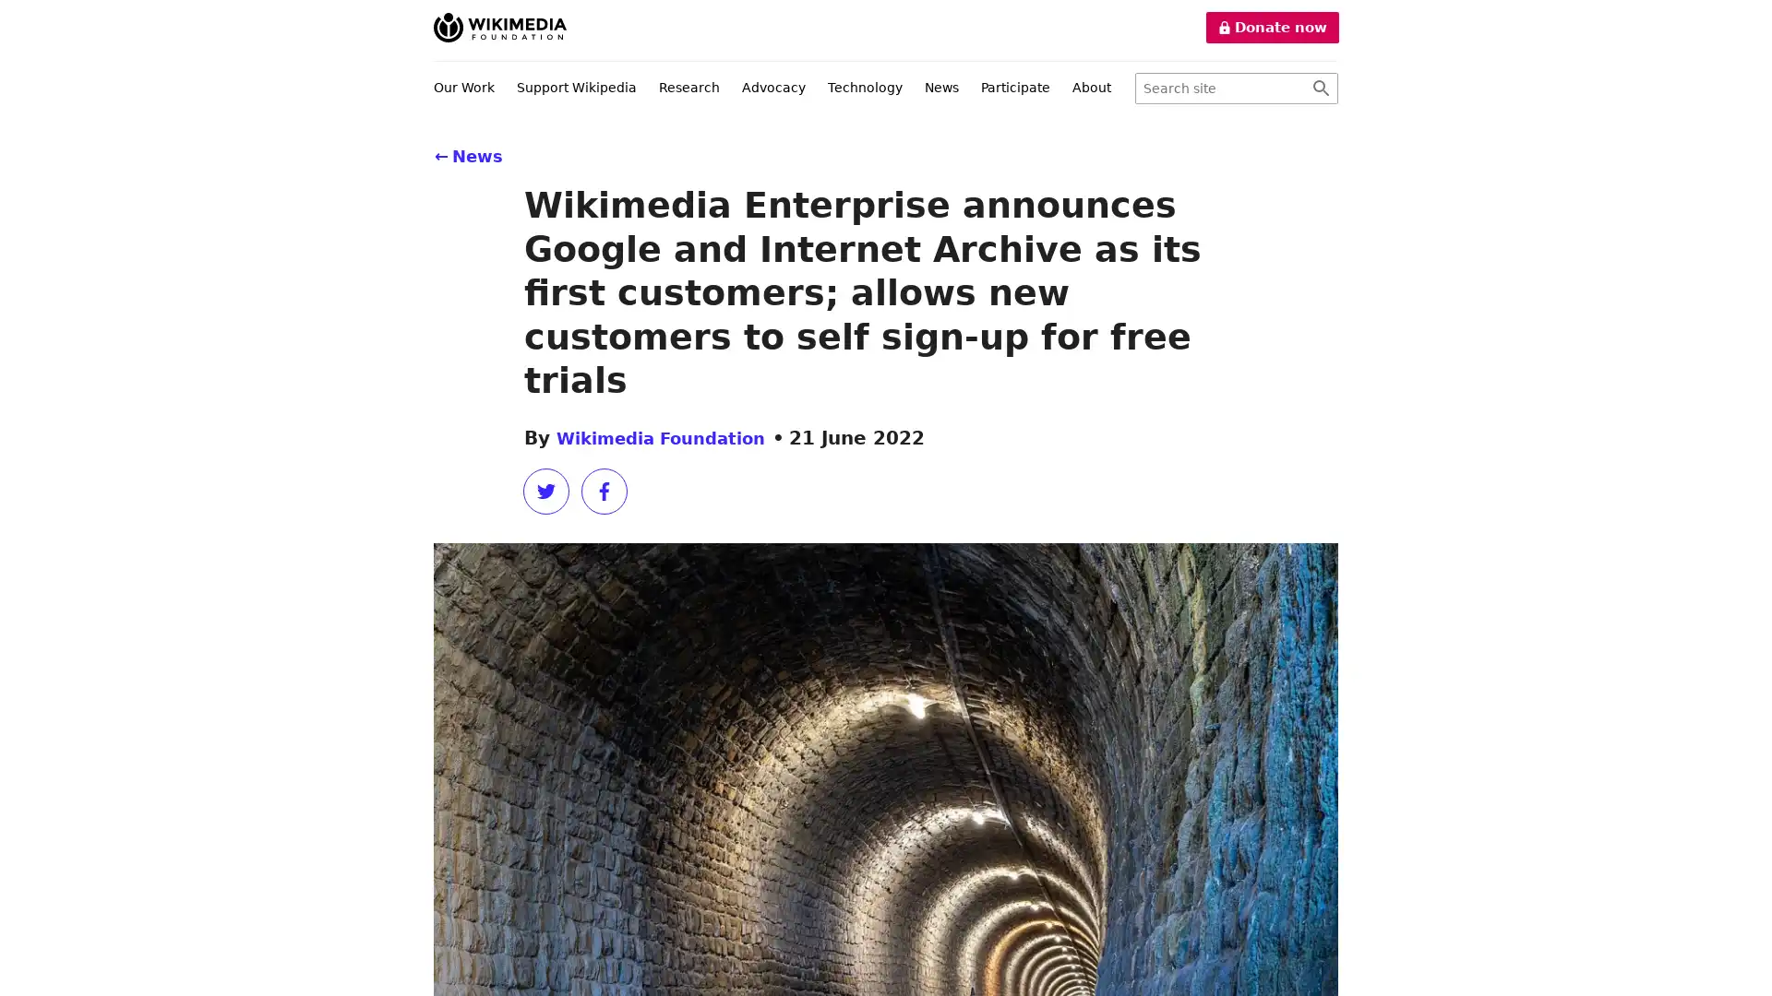 This screenshot has height=996, width=1772. Describe the element at coordinates (1320, 89) in the screenshot. I see `Search` at that location.